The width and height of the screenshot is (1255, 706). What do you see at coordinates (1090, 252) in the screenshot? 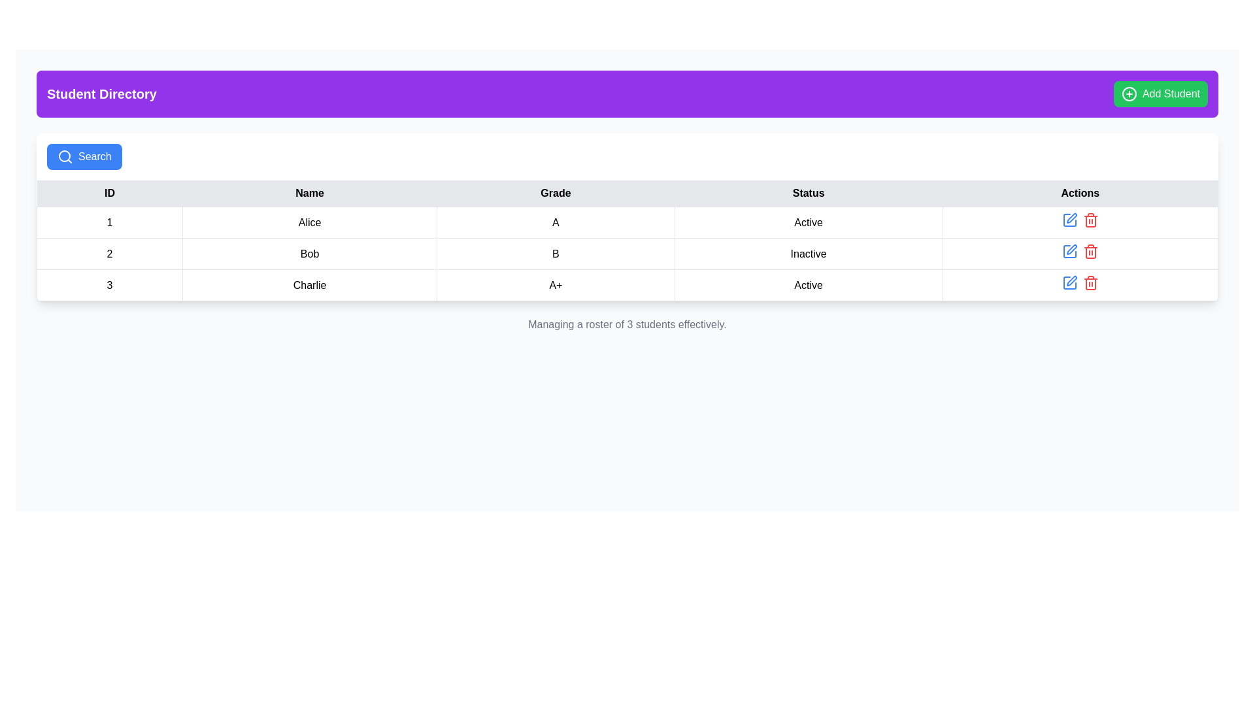
I see `the second red-colored trash icon in the 'Actions' column of the table` at bounding box center [1090, 252].